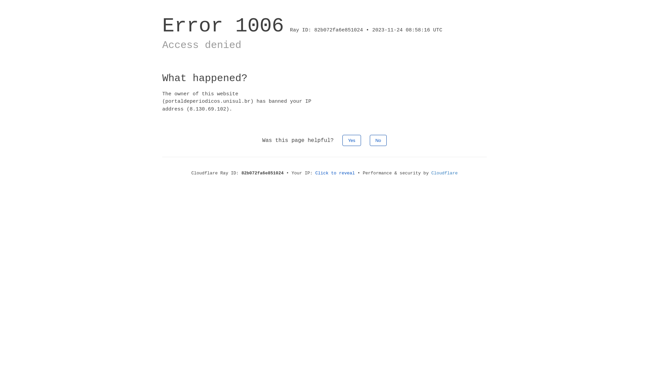  What do you see at coordinates (444, 173) in the screenshot?
I see `'Cloudflare'` at bounding box center [444, 173].